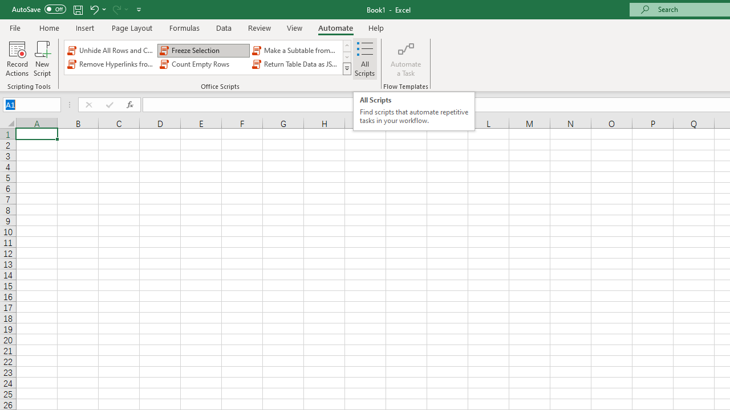 Image resolution: width=730 pixels, height=410 pixels. What do you see at coordinates (17, 59) in the screenshot?
I see `'Record Actions'` at bounding box center [17, 59].